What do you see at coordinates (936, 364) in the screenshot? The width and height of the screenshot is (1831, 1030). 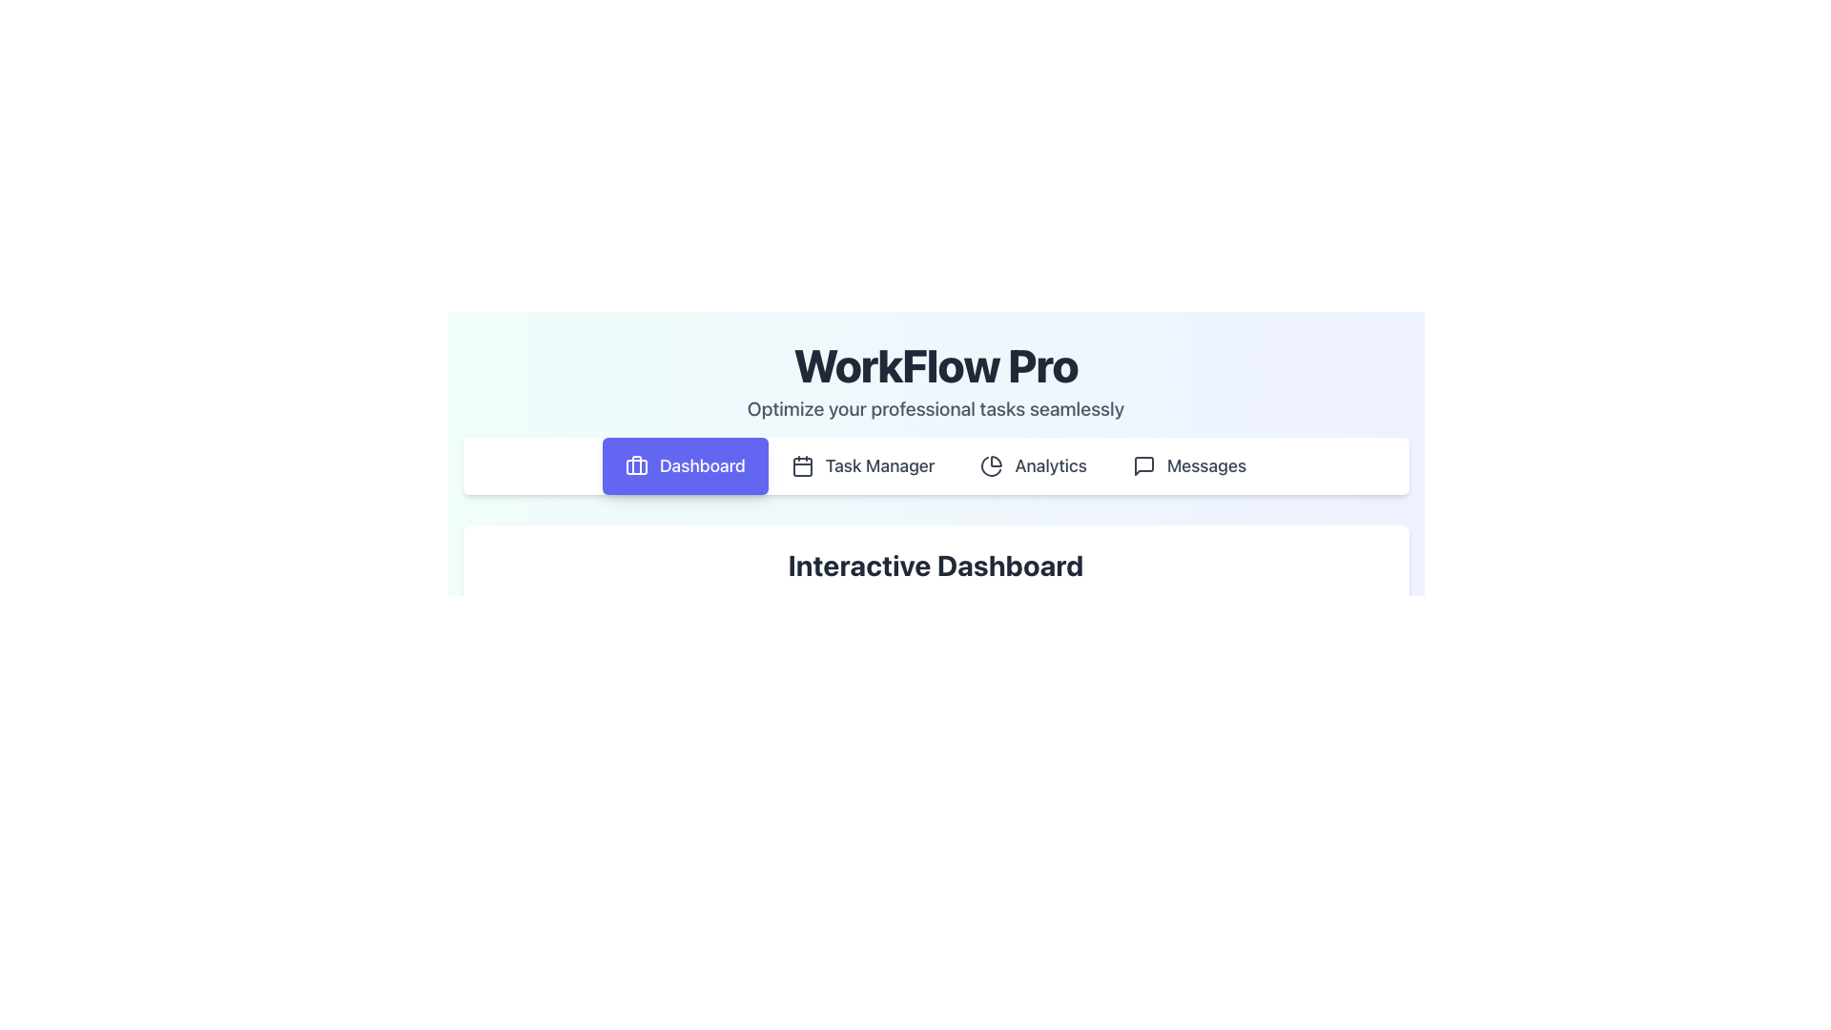 I see `the main title or heading element located at the top center of the page, which provides context about the application, positioned directly above the text 'Optimize your professional tasks seamlessly'` at bounding box center [936, 364].